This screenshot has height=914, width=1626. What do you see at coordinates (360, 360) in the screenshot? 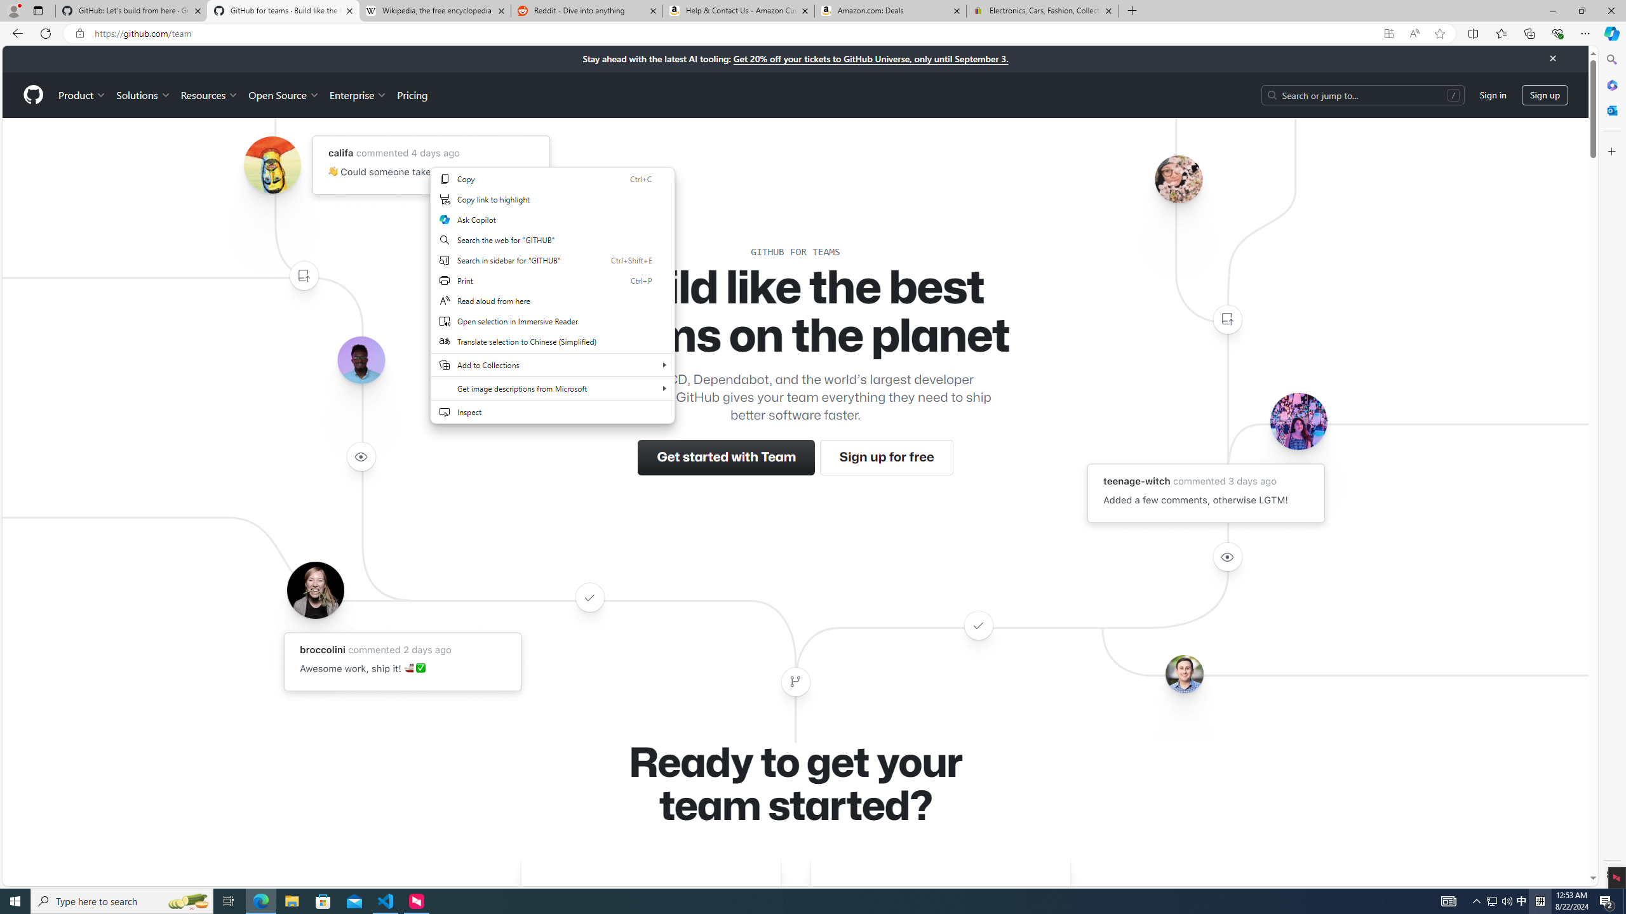
I see `'Avatar of the user lerebear'` at bounding box center [360, 360].